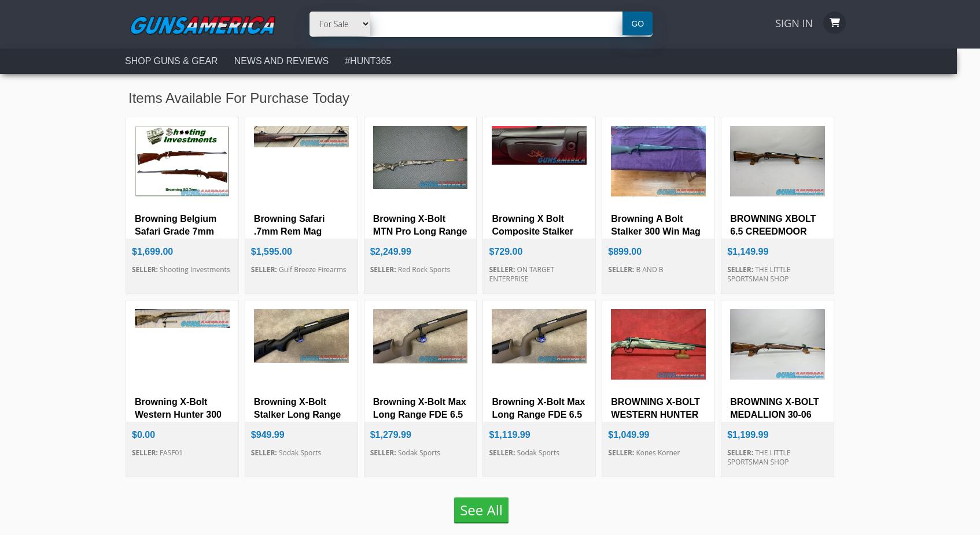  Describe the element at coordinates (178, 414) in the screenshot. I see `'Browning X-Bolt Western Hunter 300 PRC N...'` at that location.